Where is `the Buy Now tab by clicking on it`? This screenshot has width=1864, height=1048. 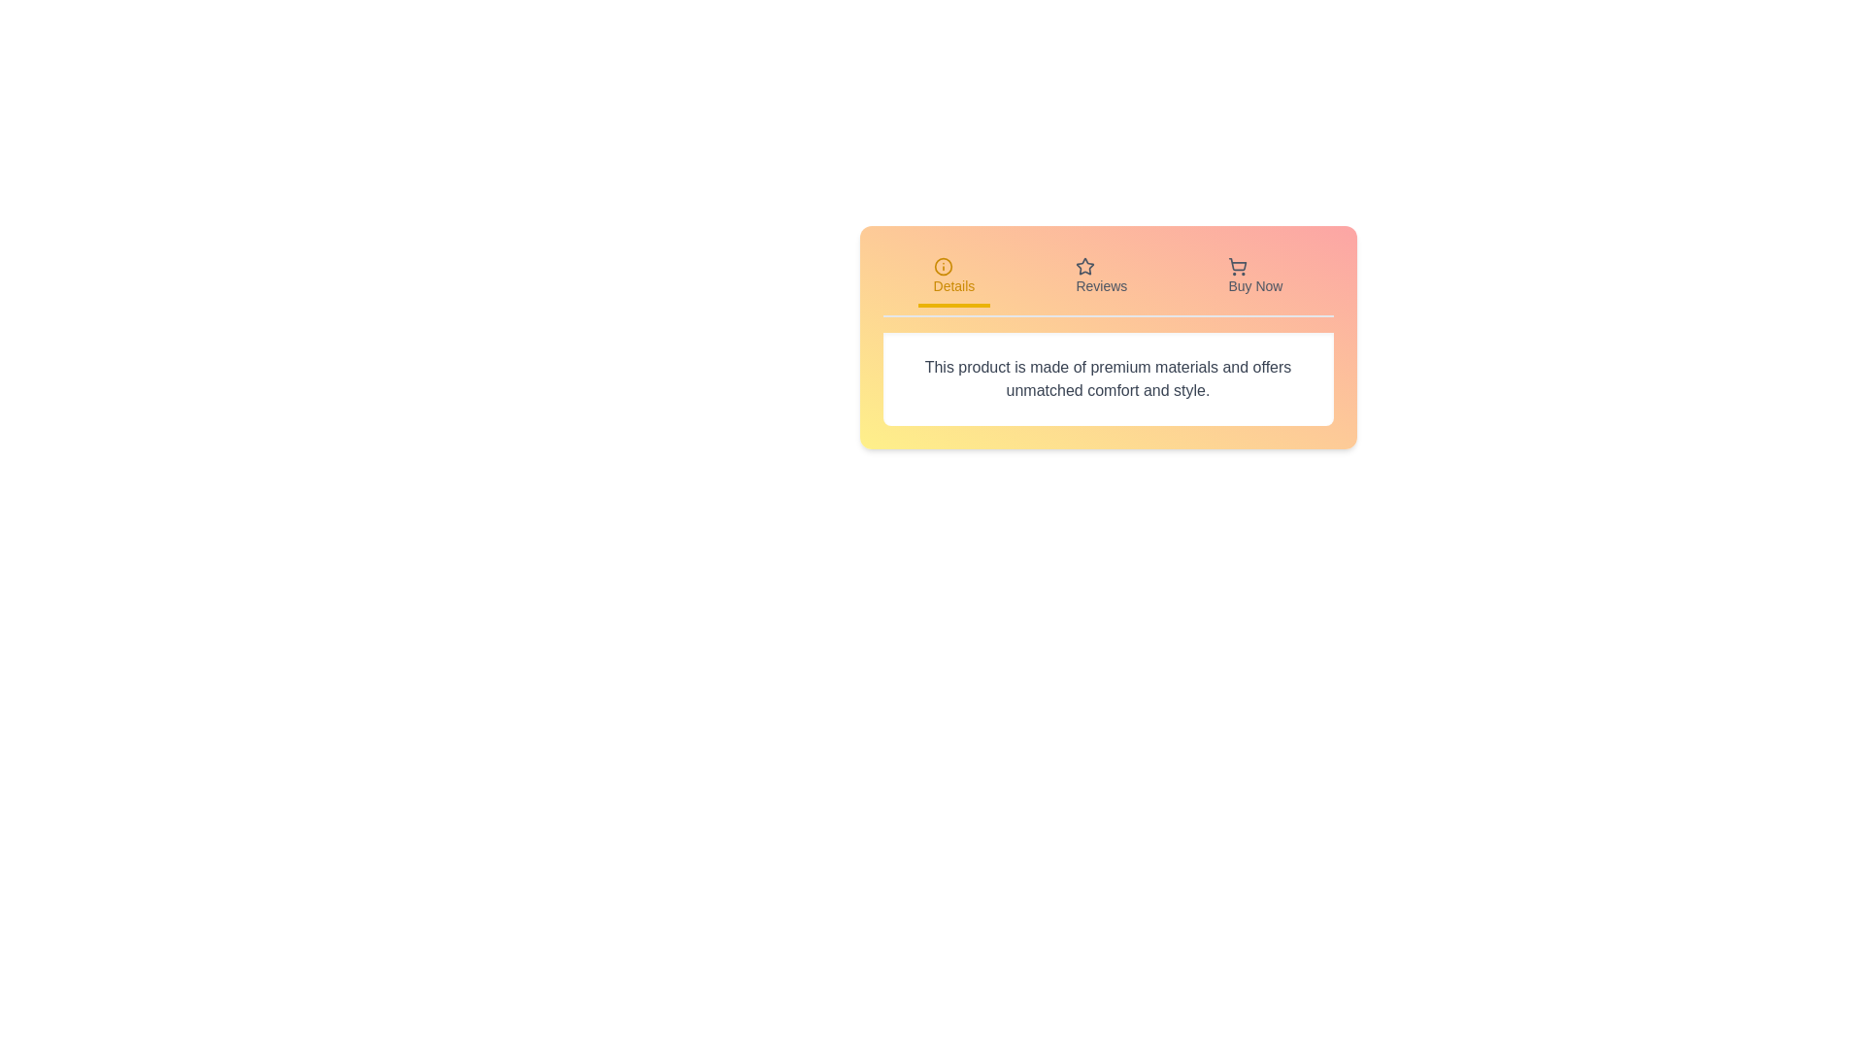 the Buy Now tab by clicking on it is located at coordinates (1255, 278).